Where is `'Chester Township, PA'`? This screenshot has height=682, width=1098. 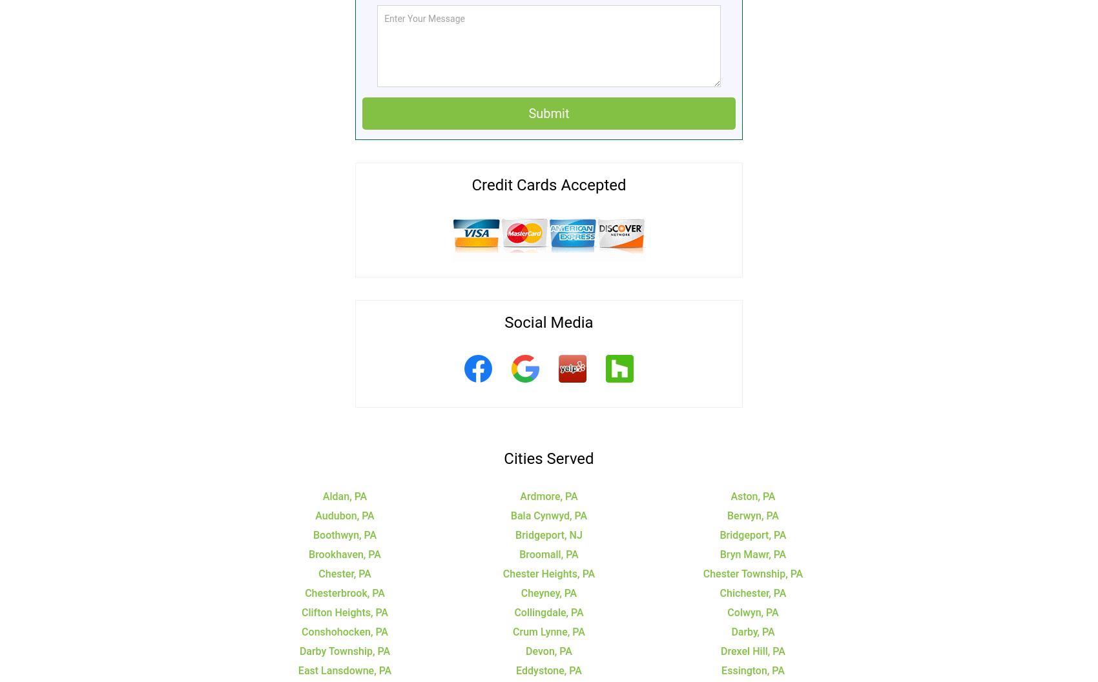
'Chester Township, PA' is located at coordinates (752, 572).